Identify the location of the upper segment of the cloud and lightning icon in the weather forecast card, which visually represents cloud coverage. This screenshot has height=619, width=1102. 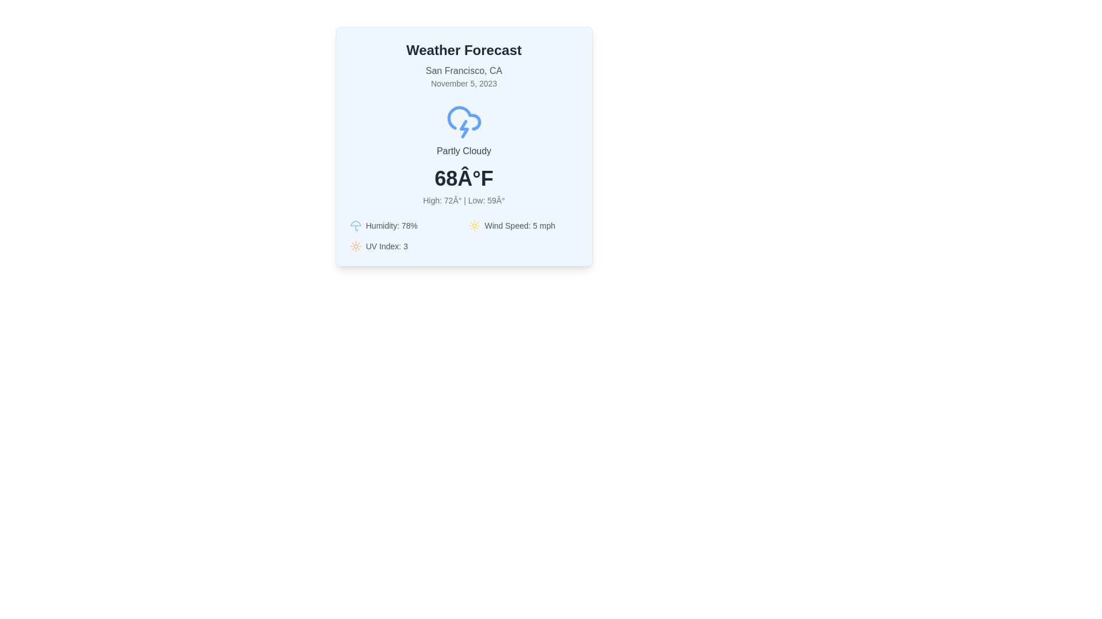
(464, 118).